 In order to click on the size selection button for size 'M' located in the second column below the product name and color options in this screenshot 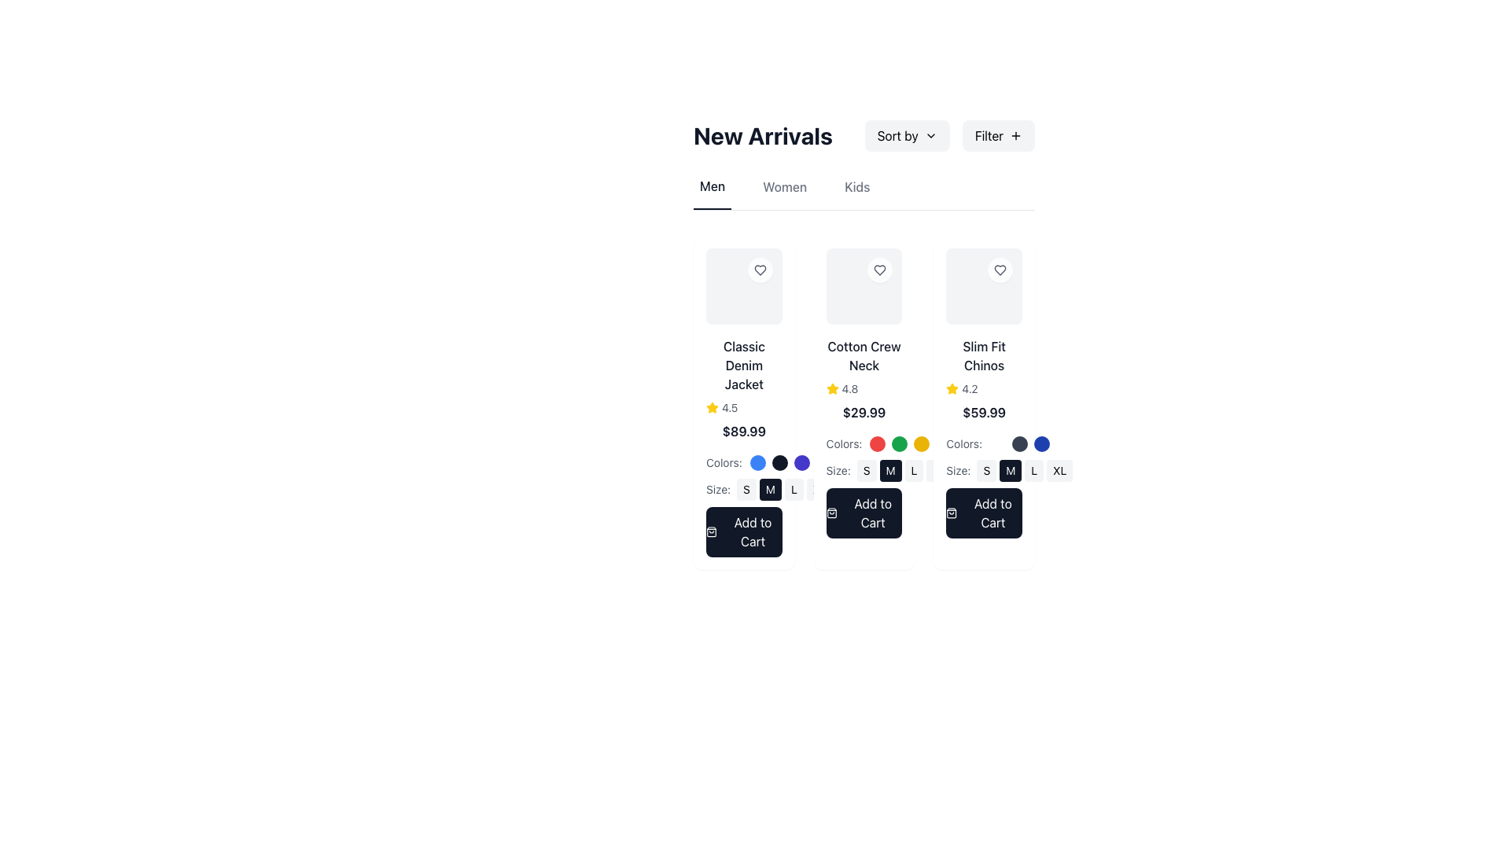, I will do `click(785, 488)`.